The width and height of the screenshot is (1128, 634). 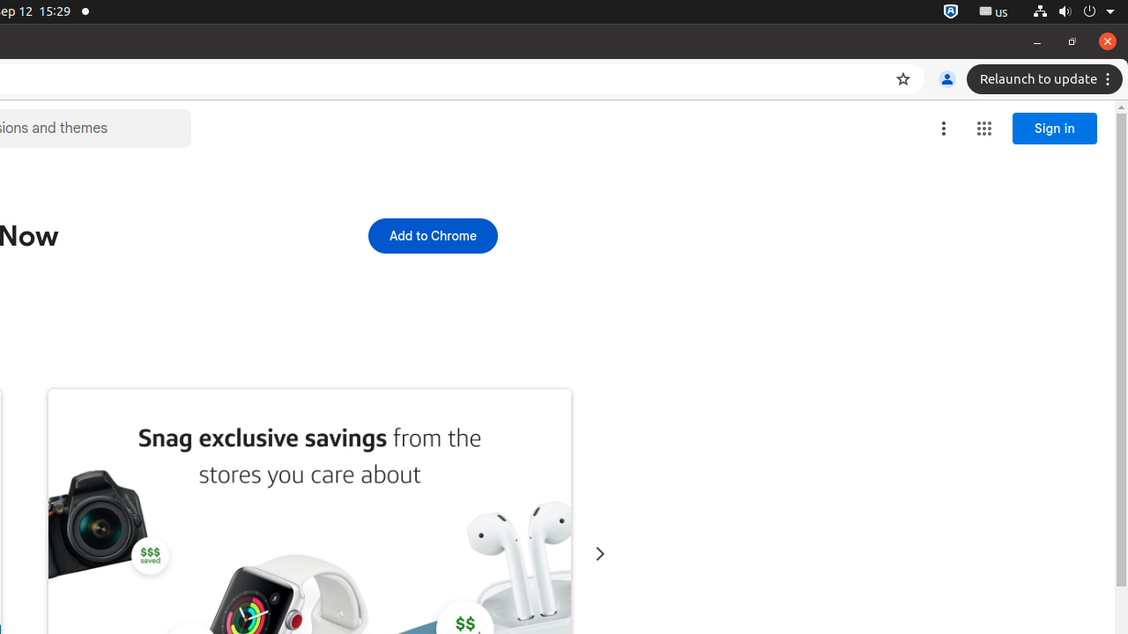 I want to click on ':1.72/StatusNotifierItem', so click(x=950, y=11).